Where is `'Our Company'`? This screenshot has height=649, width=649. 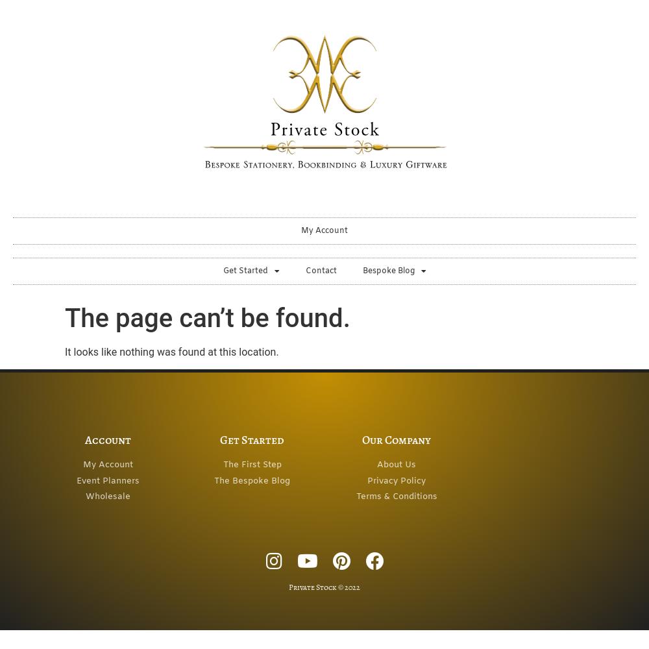
'Our Company' is located at coordinates (396, 440).